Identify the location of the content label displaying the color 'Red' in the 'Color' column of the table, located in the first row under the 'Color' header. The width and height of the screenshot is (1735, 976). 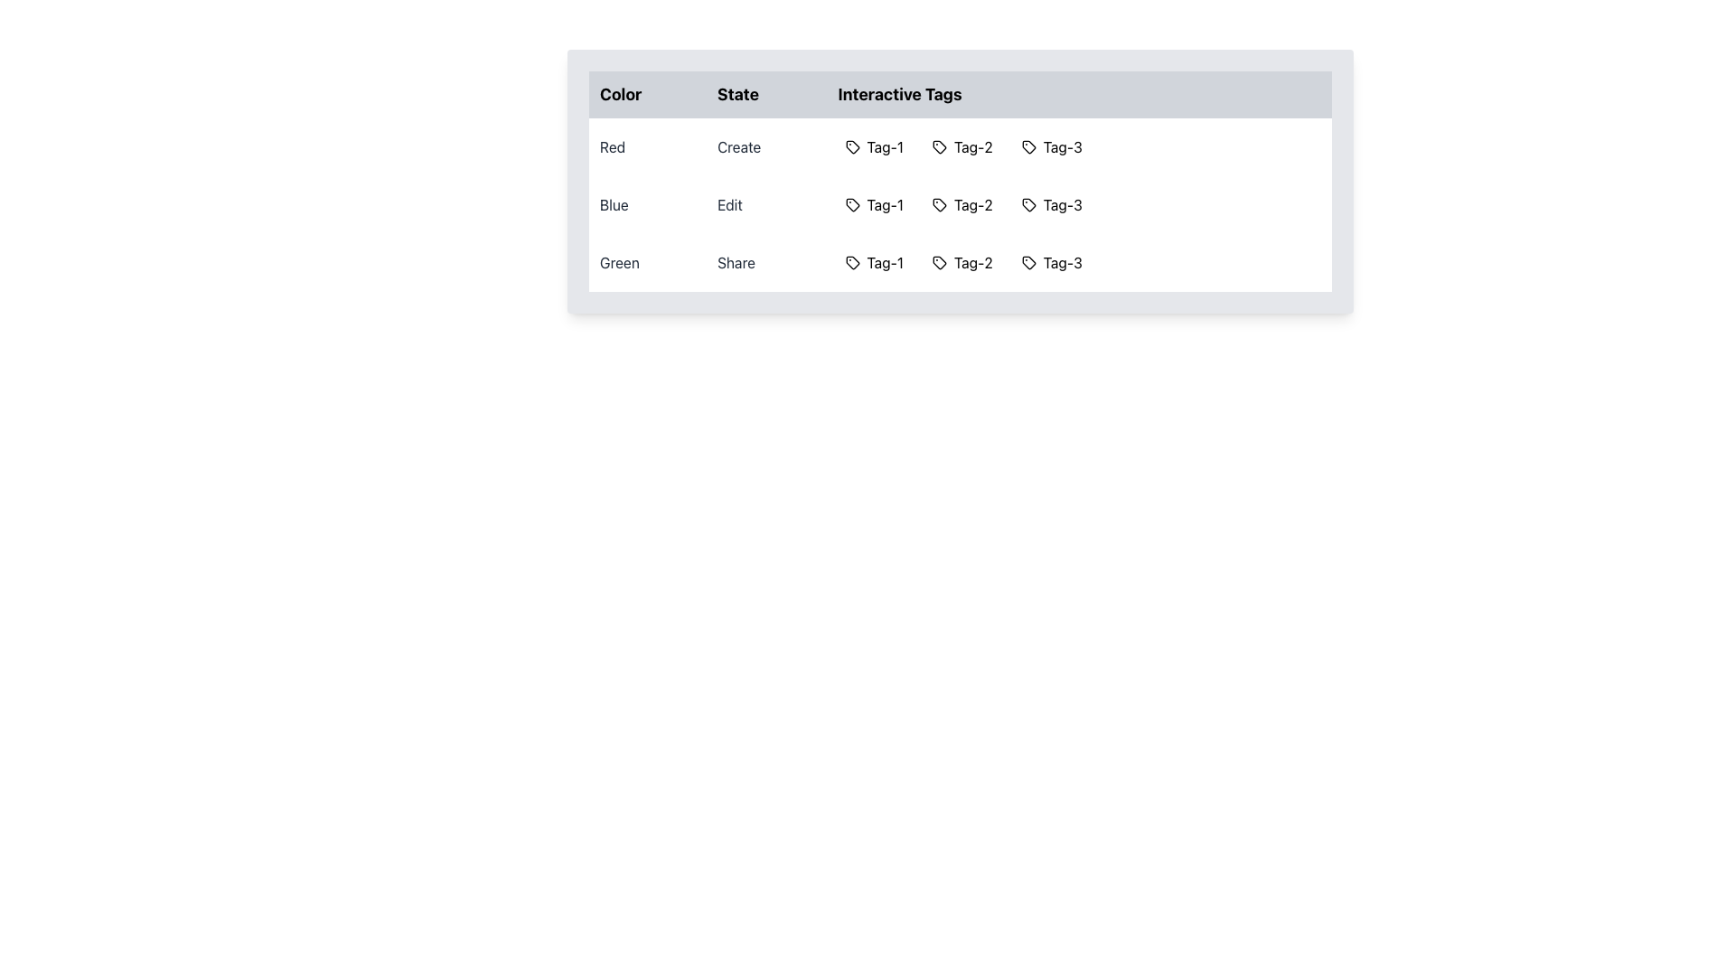
(647, 145).